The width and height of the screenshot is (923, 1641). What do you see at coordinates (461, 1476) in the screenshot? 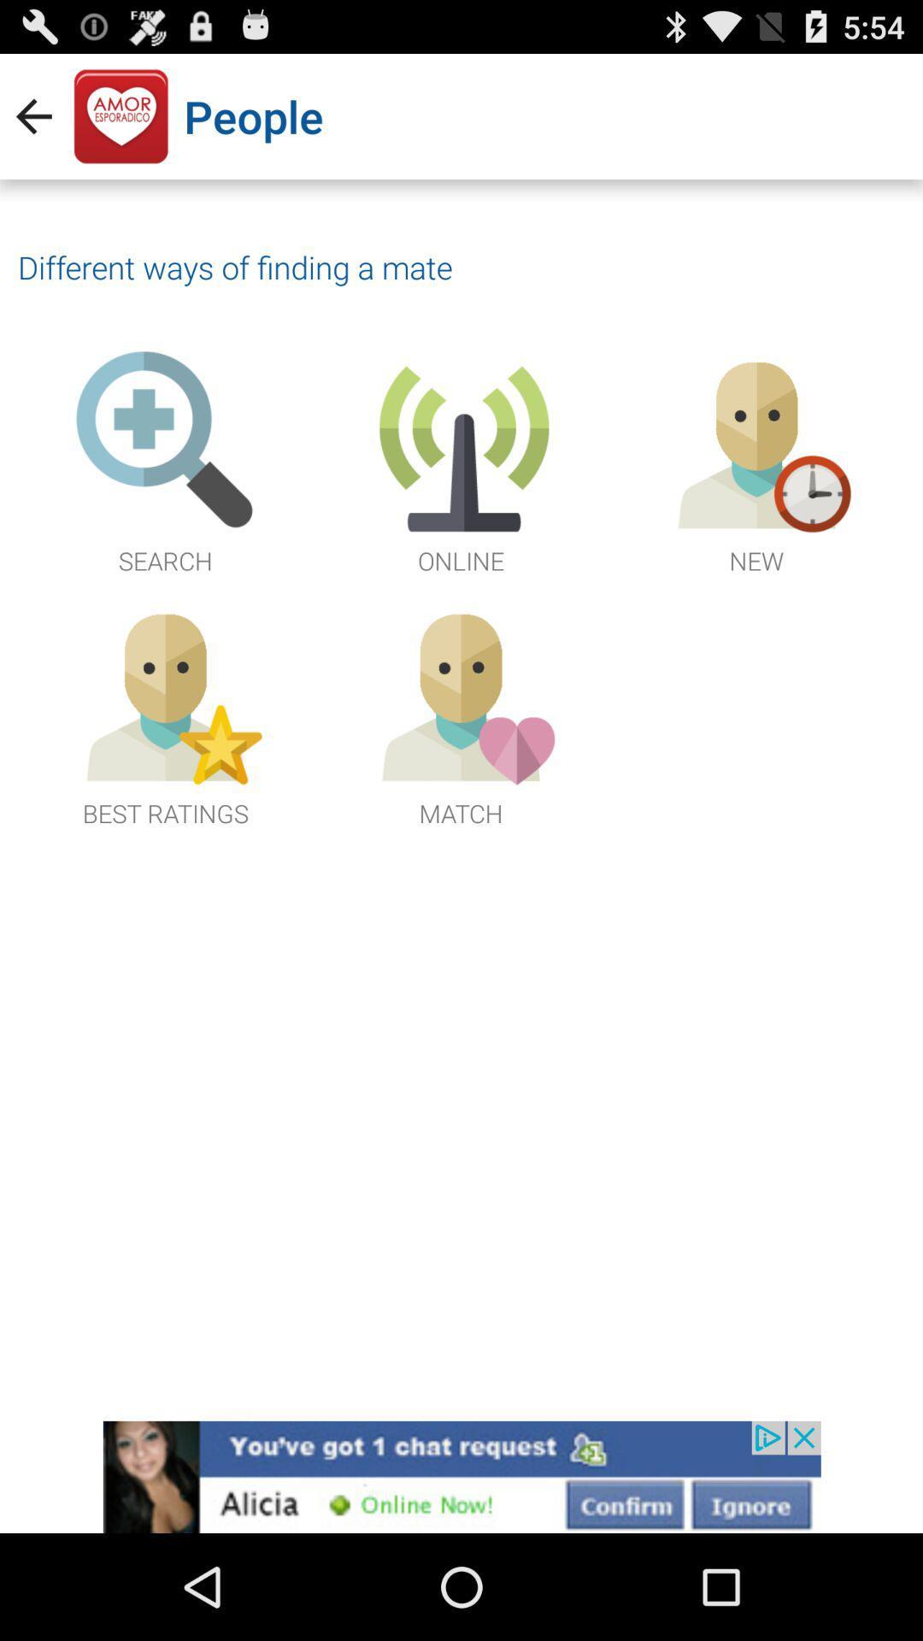
I see `open advertisement` at bounding box center [461, 1476].